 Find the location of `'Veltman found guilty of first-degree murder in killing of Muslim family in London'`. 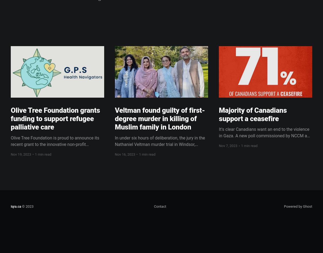

'Veltman found guilty of first-degree murder in killing of Muslim family in London' is located at coordinates (159, 118).